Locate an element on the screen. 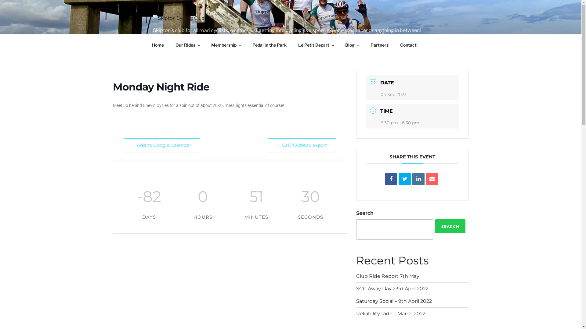 The width and height of the screenshot is (586, 329). 'Le Petit Depart' is located at coordinates (316, 44).